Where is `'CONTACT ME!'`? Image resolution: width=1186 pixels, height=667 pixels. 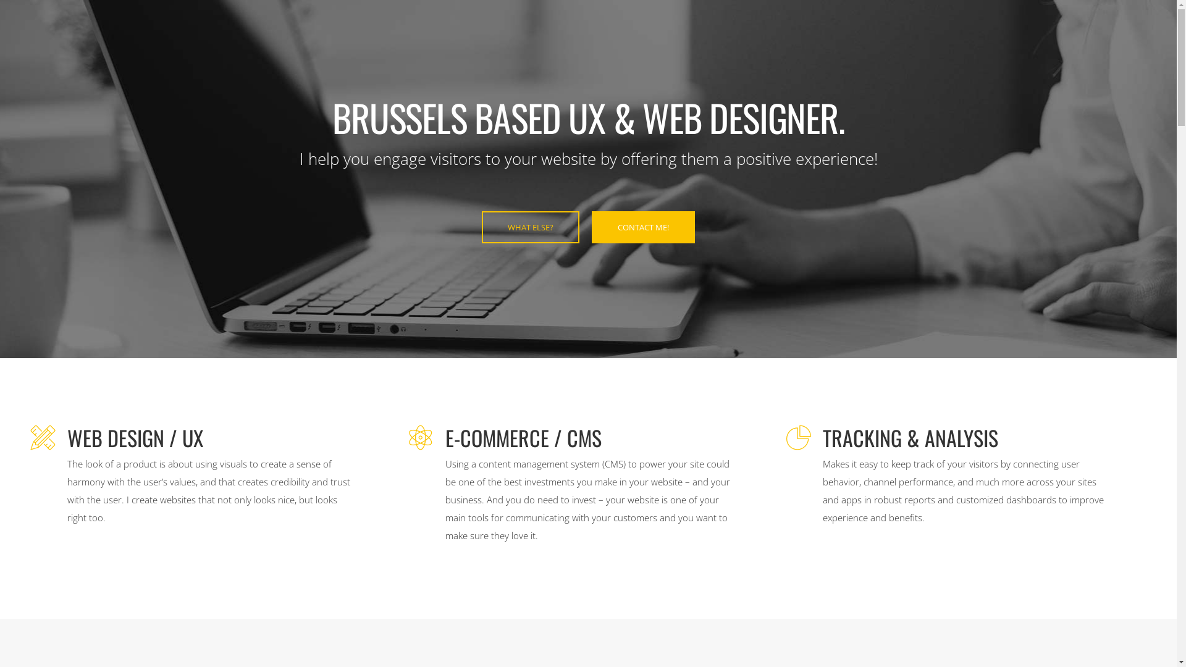
'CONTACT ME!' is located at coordinates (591, 227).